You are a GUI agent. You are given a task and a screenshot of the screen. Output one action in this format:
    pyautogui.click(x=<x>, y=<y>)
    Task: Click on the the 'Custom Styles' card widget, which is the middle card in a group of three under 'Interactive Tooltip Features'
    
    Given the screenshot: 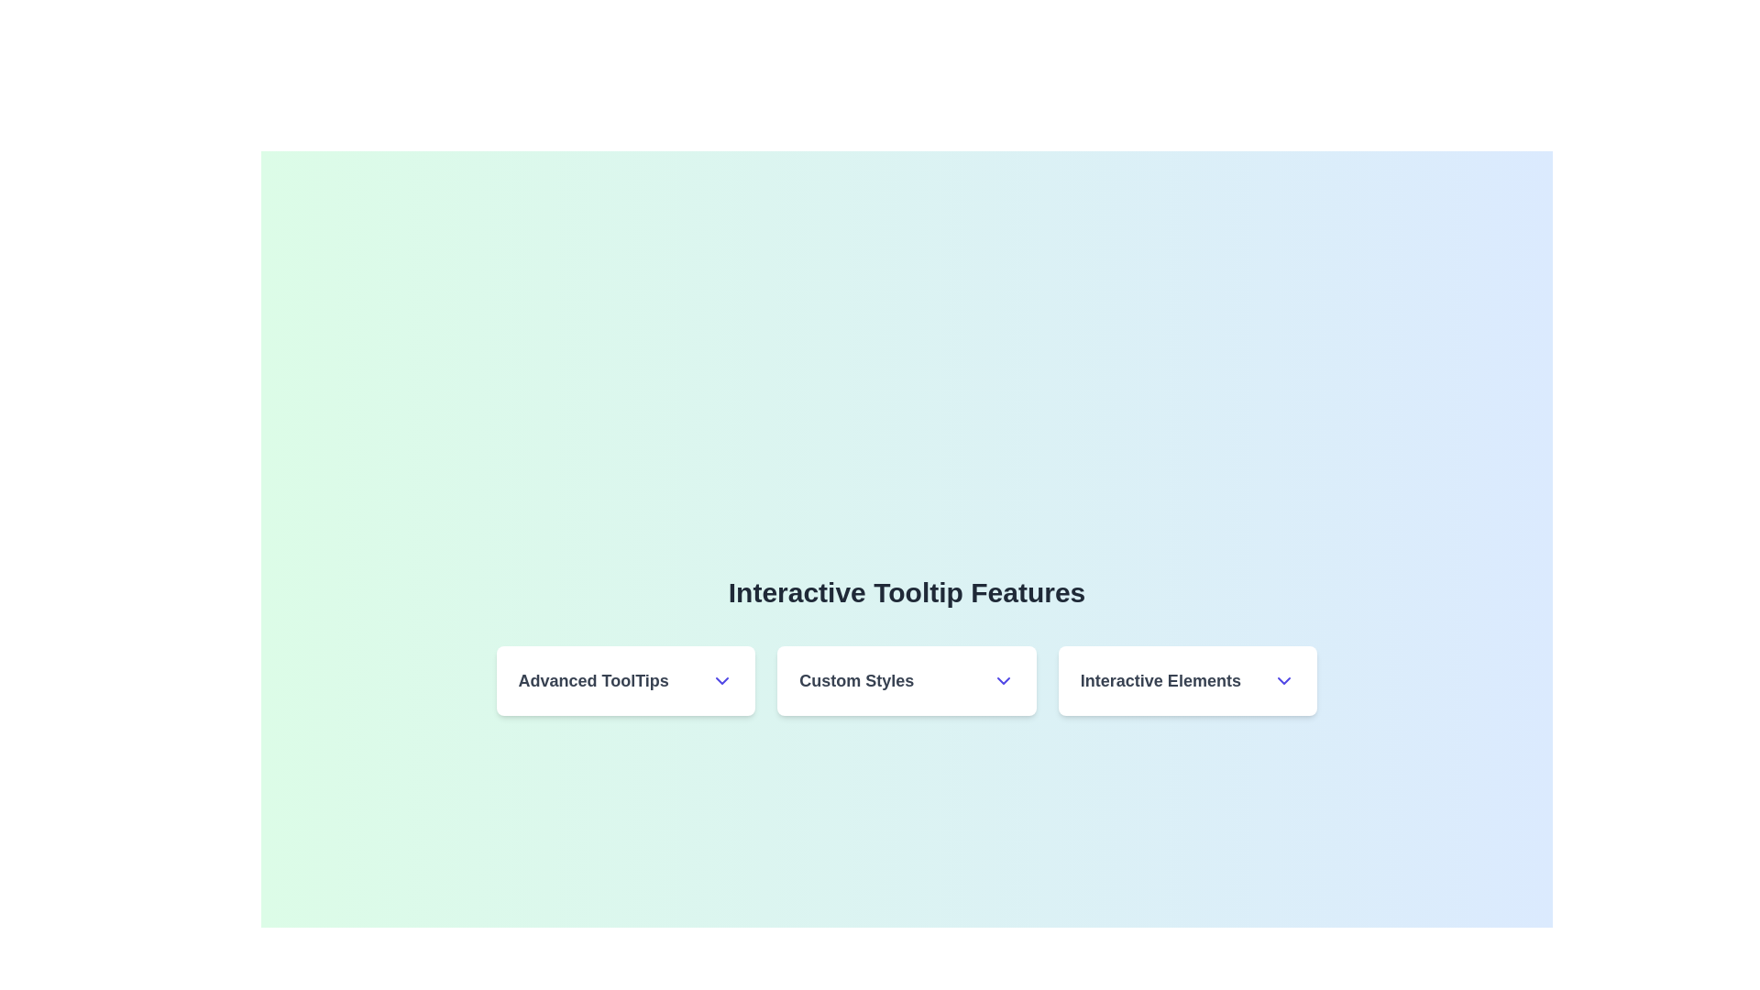 What is the action you would take?
    pyautogui.click(x=907, y=681)
    